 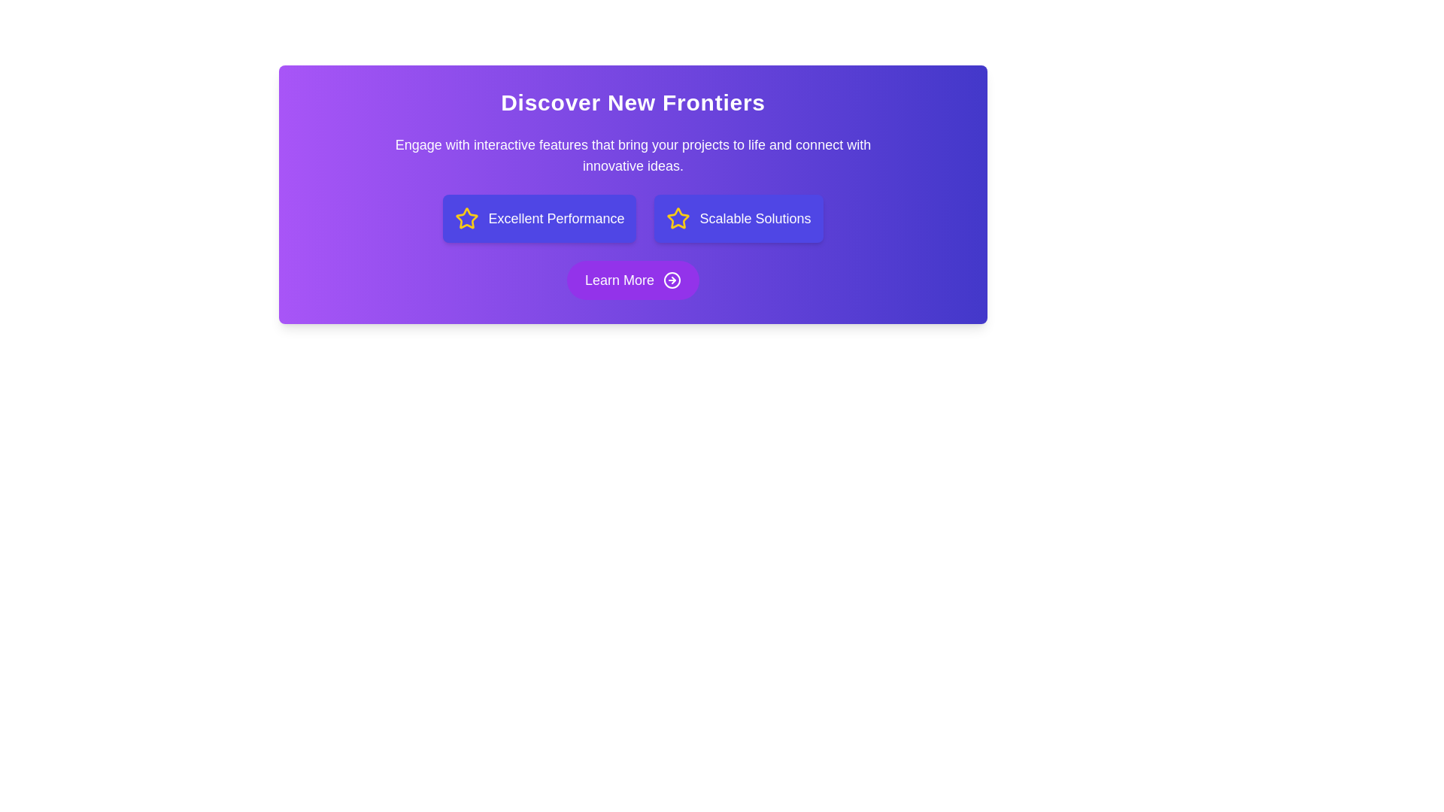 I want to click on the icon associated with the 'Learn More' button, which is positioned to the right side of the button at the bottom center of the main content area, so click(x=671, y=280).